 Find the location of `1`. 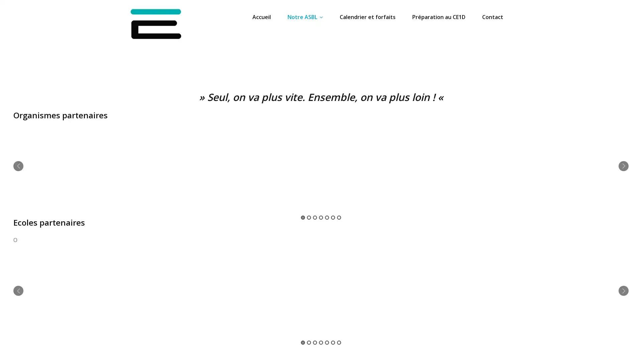

1 is located at coordinates (303, 218).